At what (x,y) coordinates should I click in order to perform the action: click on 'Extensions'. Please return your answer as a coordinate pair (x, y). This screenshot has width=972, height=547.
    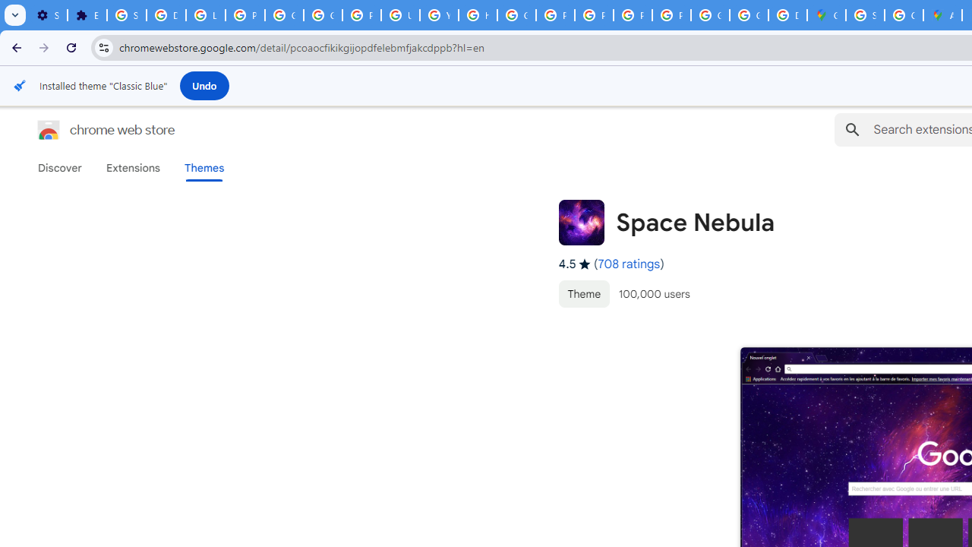
    Looking at the image, I should click on (132, 168).